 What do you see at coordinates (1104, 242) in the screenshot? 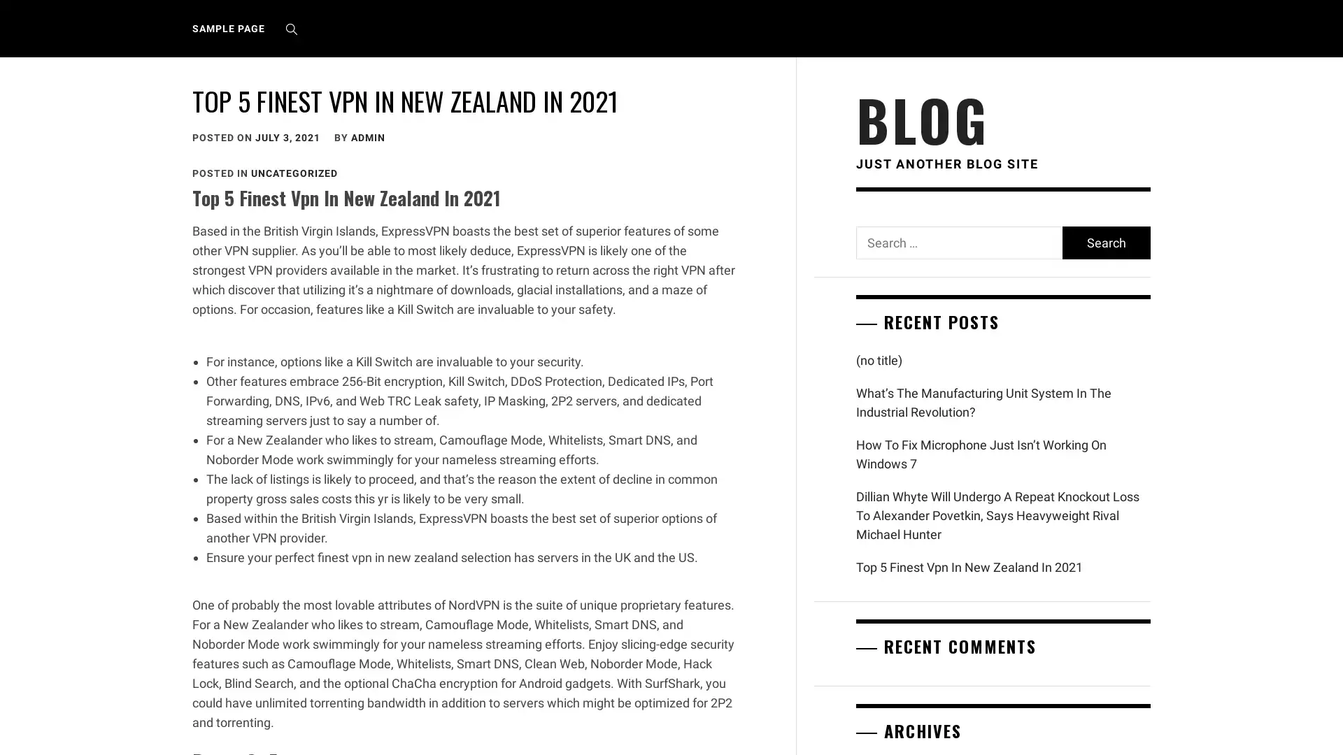
I see `Search` at bounding box center [1104, 242].